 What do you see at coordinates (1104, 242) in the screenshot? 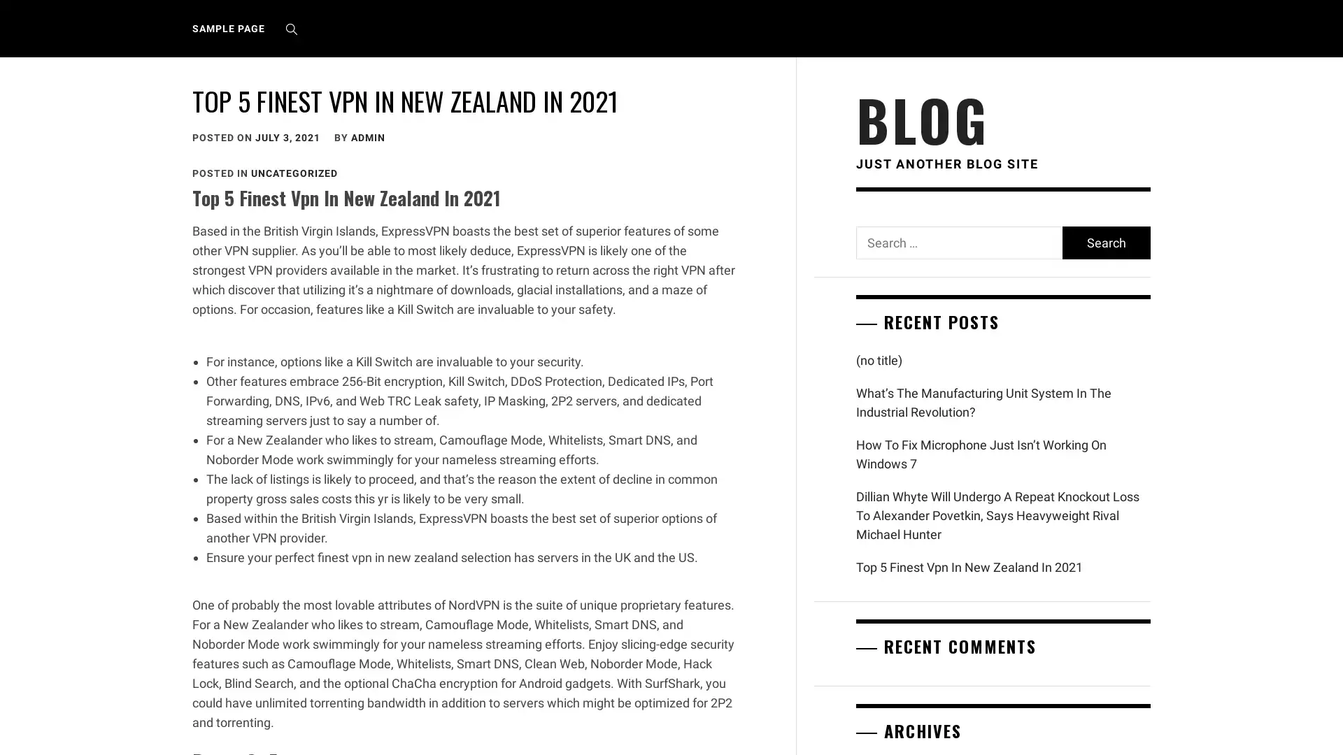
I see `Search` at bounding box center [1104, 242].